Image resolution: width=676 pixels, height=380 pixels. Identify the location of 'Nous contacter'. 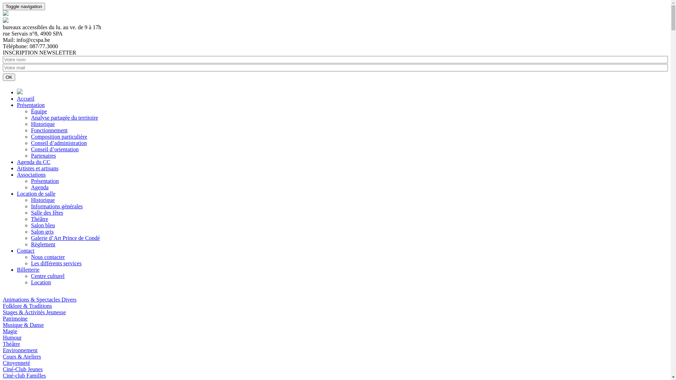
(47, 257).